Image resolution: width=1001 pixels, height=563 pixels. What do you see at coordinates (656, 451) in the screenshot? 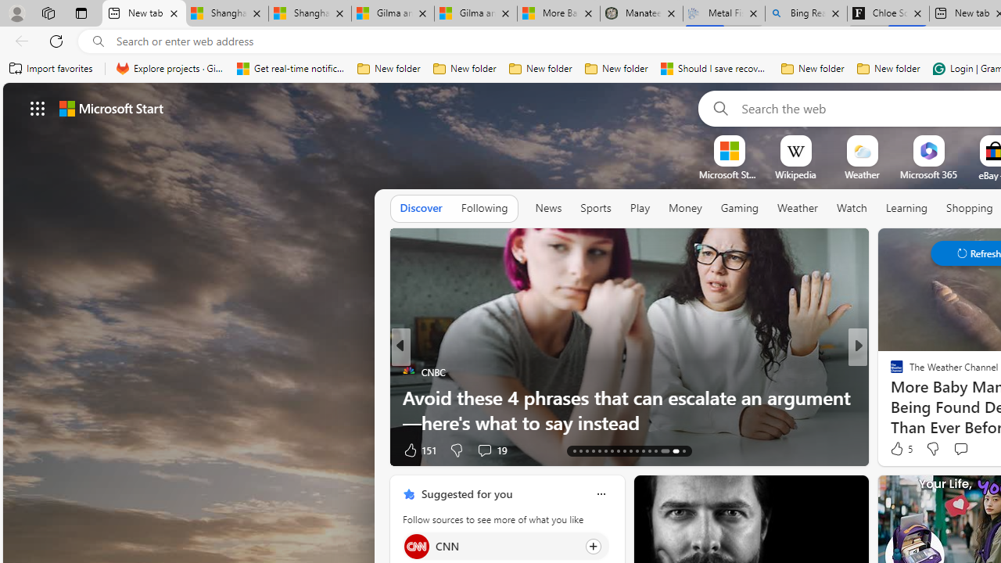
I see `'AutomationID: tab-39'` at bounding box center [656, 451].